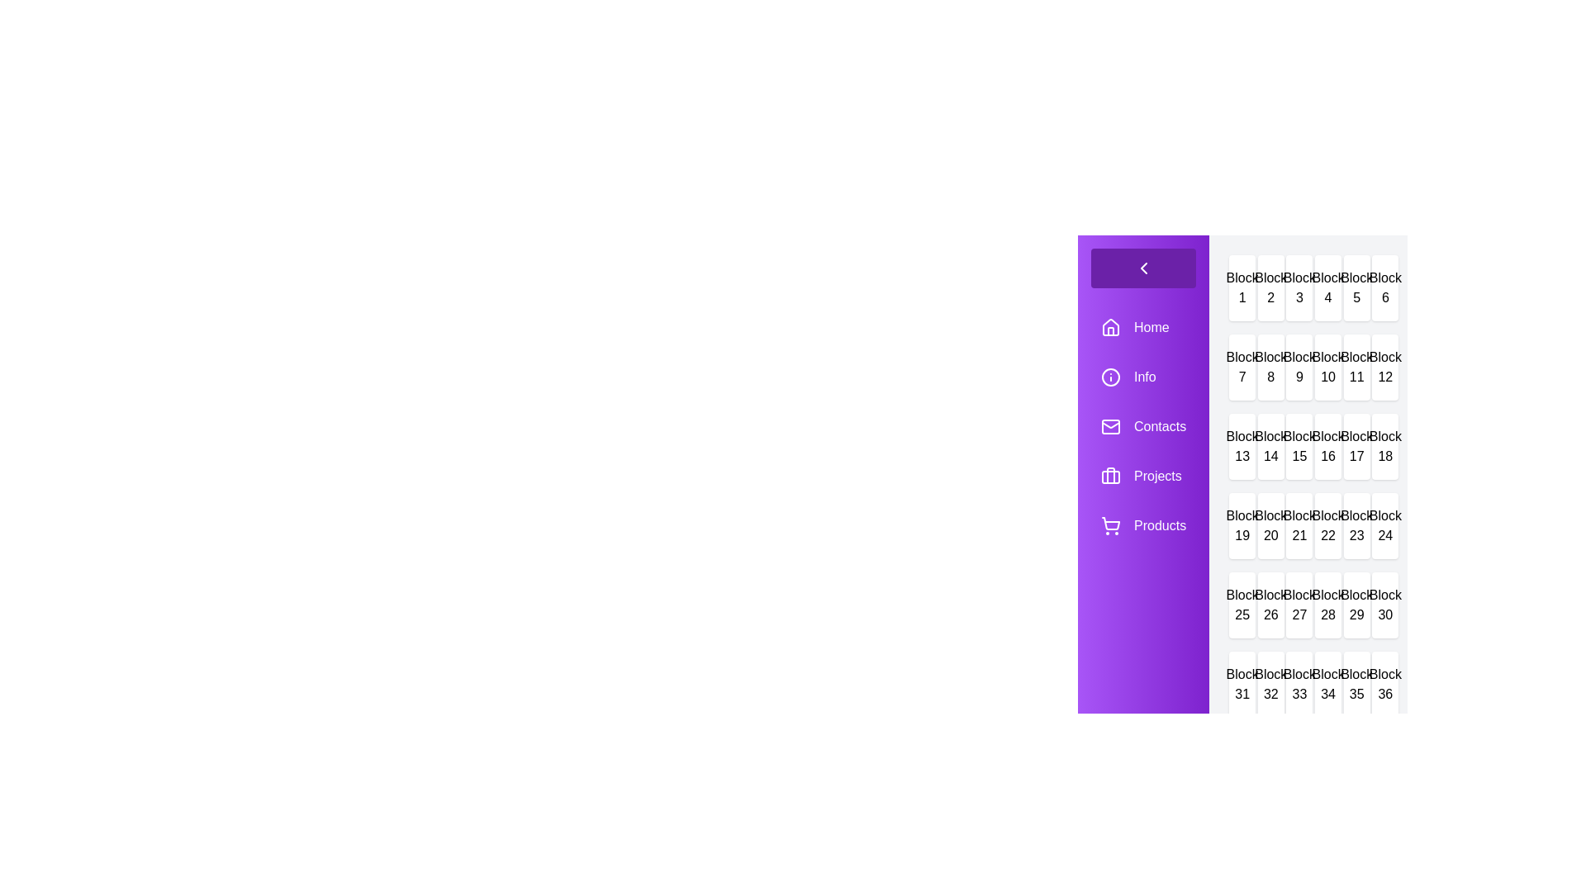 The width and height of the screenshot is (1586, 892). Describe the element at coordinates (1142, 525) in the screenshot. I see `the menu item labeled Products` at that location.